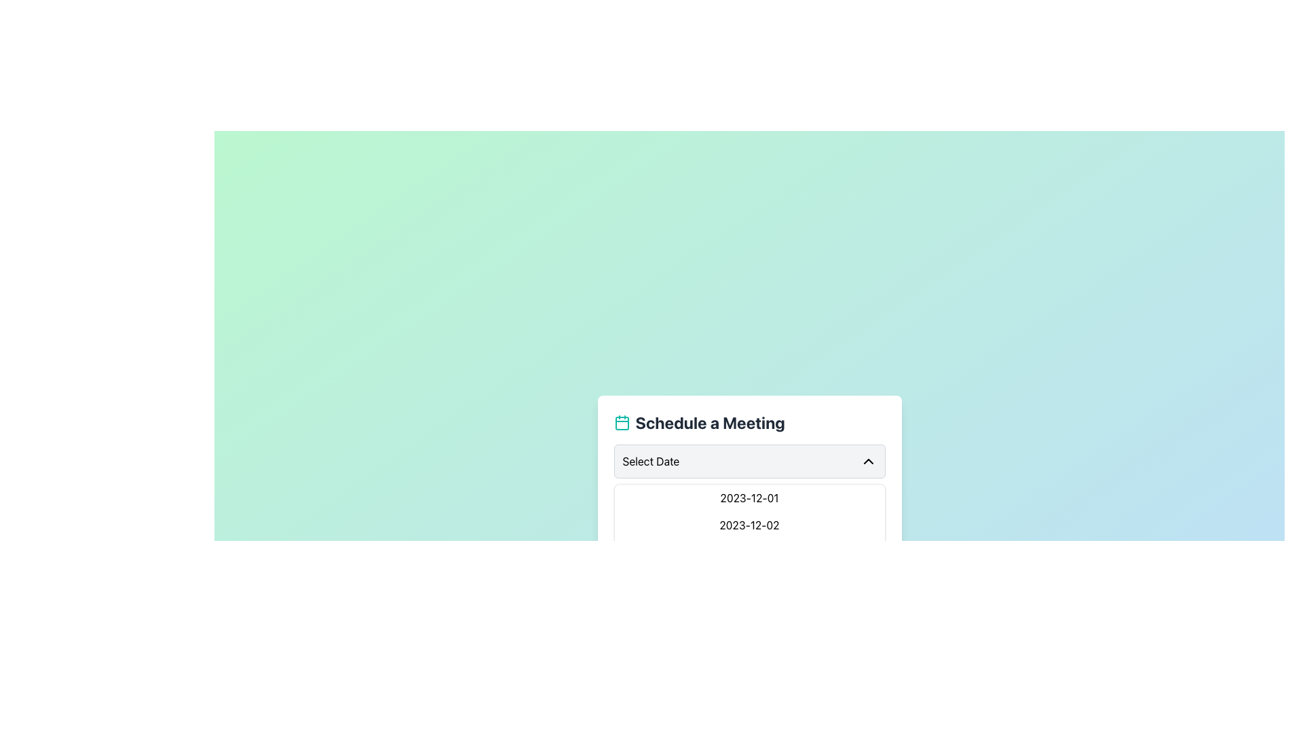 The height and width of the screenshot is (733, 1303). I want to click on the selectable date option '2023-12-01' in the dropdown menu, so click(749, 497).